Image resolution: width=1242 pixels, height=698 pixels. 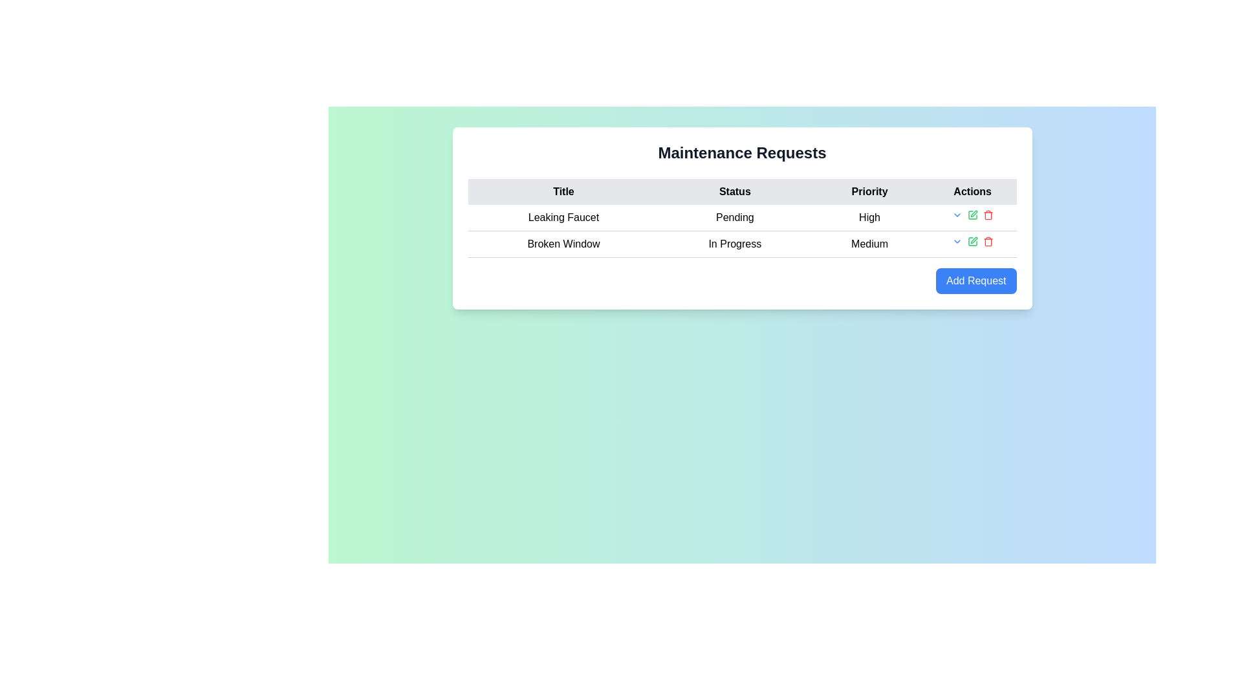 What do you see at coordinates (976, 280) in the screenshot?
I see `the distinct button located at the bottom right corner of the 'Maintenance Requests' panel to initiate adding a new request` at bounding box center [976, 280].